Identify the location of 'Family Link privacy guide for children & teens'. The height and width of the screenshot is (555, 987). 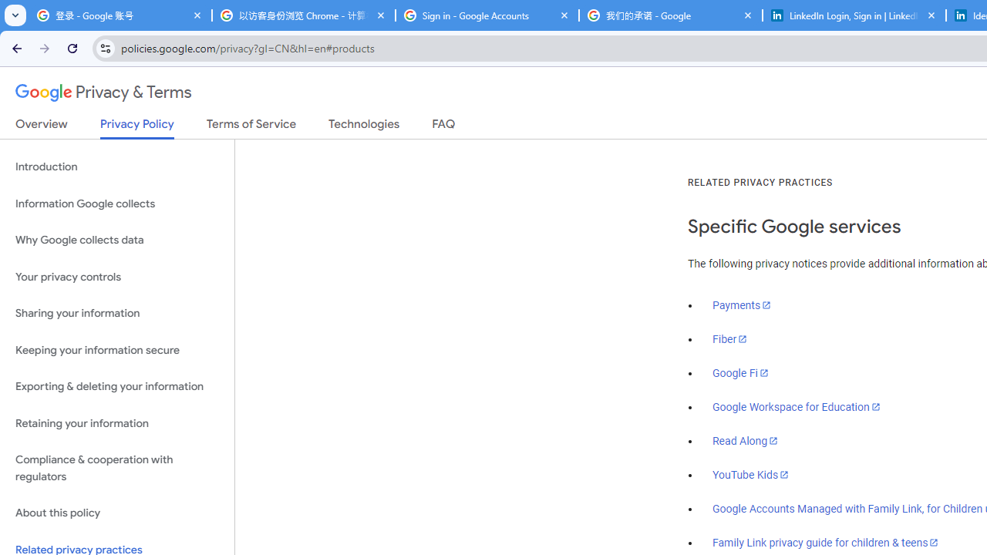
(825, 541).